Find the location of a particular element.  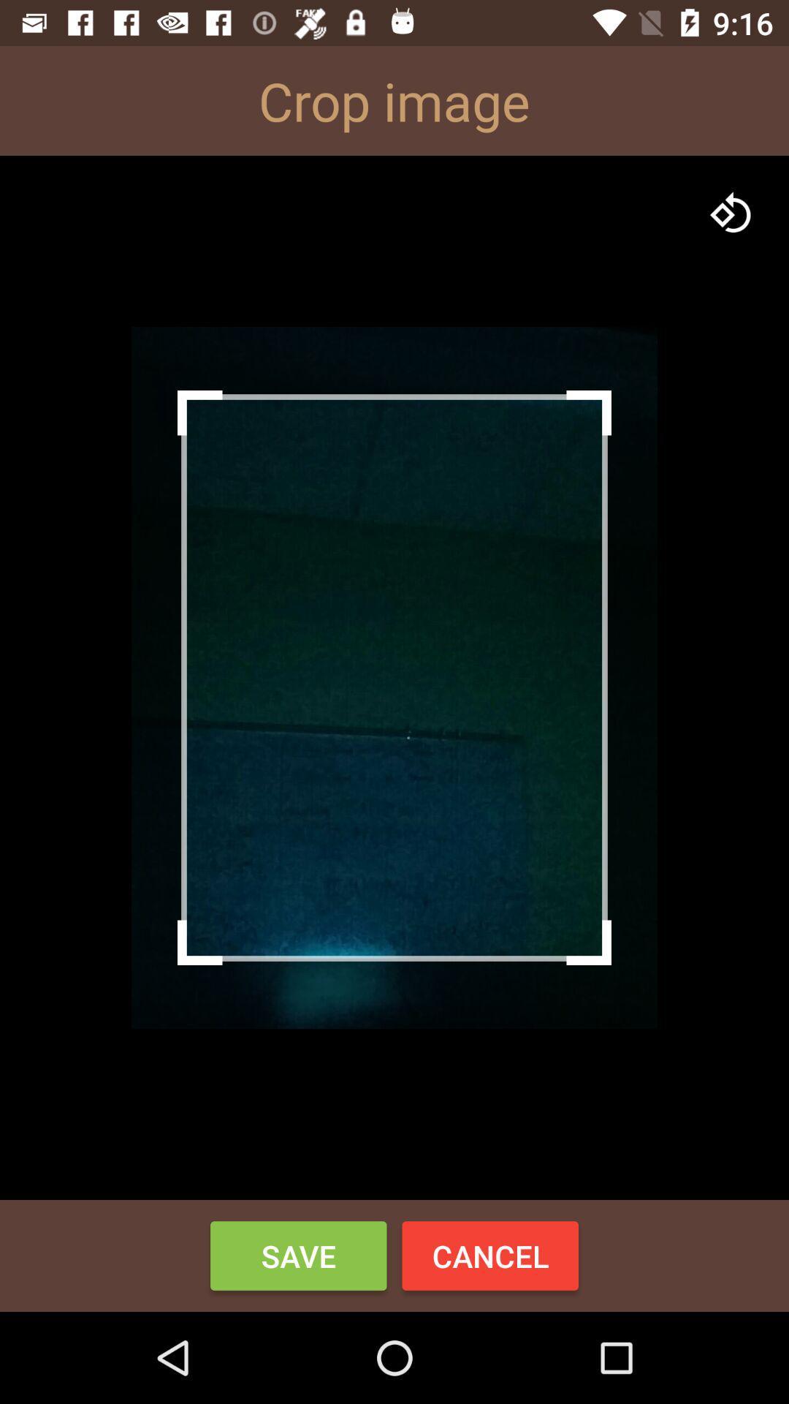

button to the left of the cancel button is located at coordinates (297, 1255).